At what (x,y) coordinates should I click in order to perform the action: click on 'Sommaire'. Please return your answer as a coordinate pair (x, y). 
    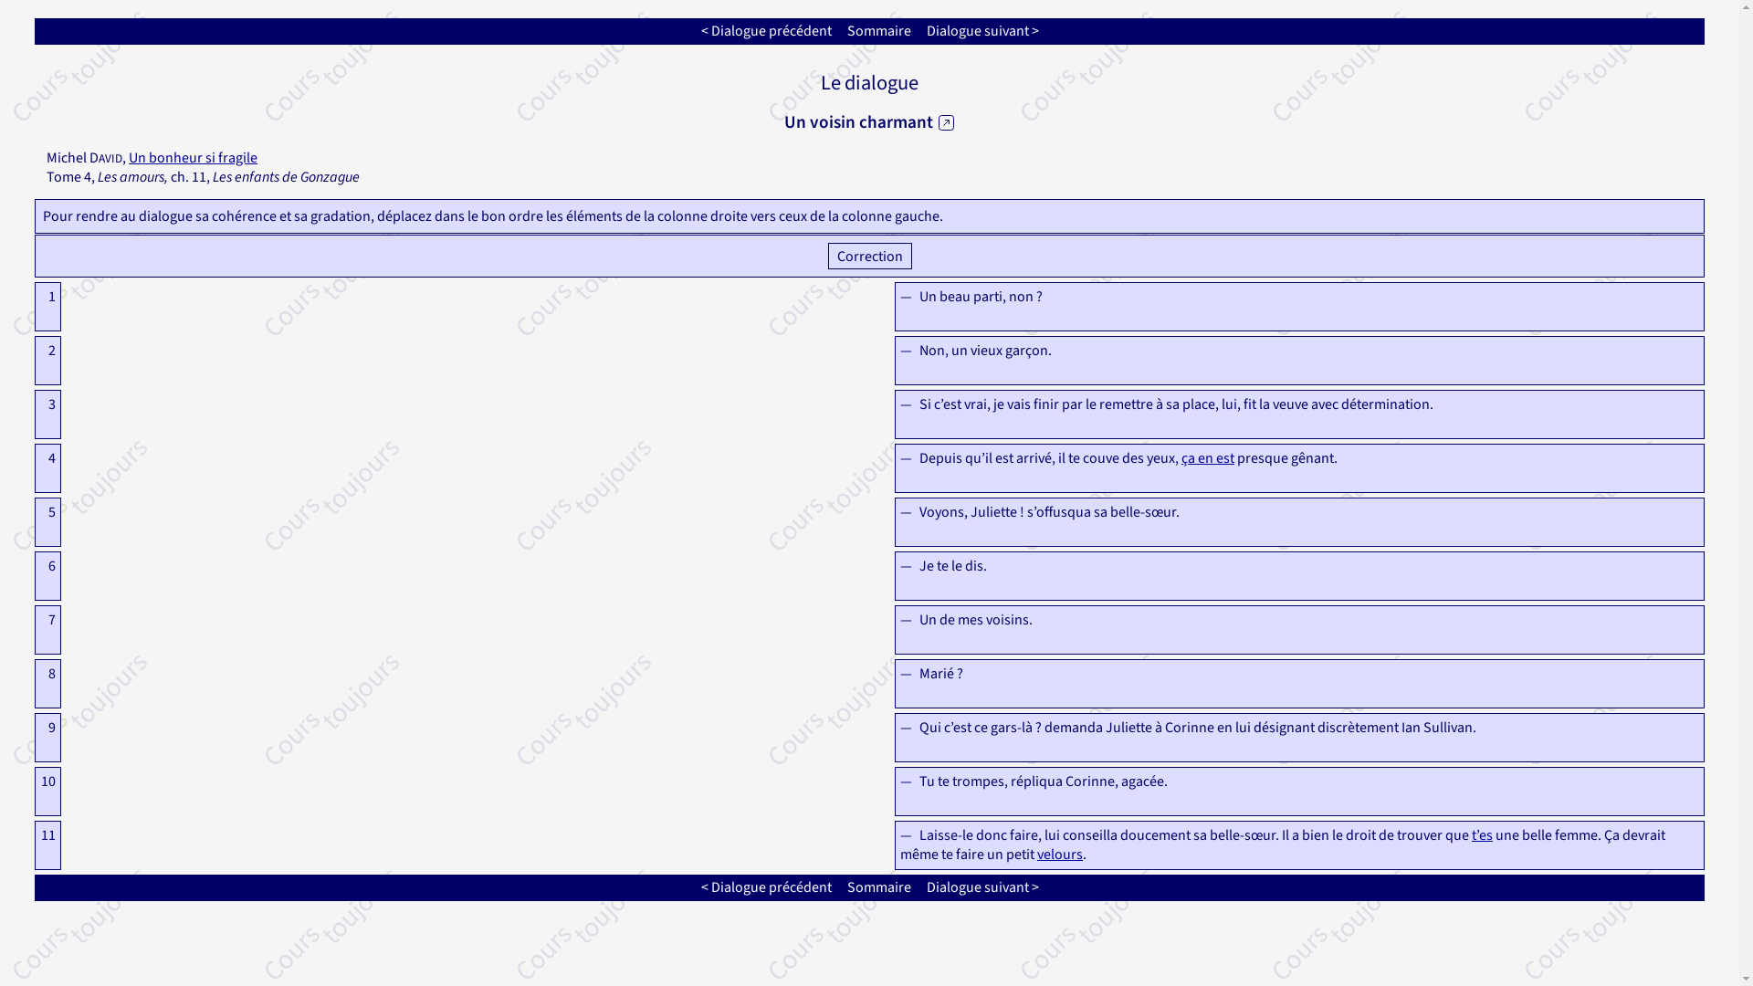
    Looking at the image, I should click on (877, 31).